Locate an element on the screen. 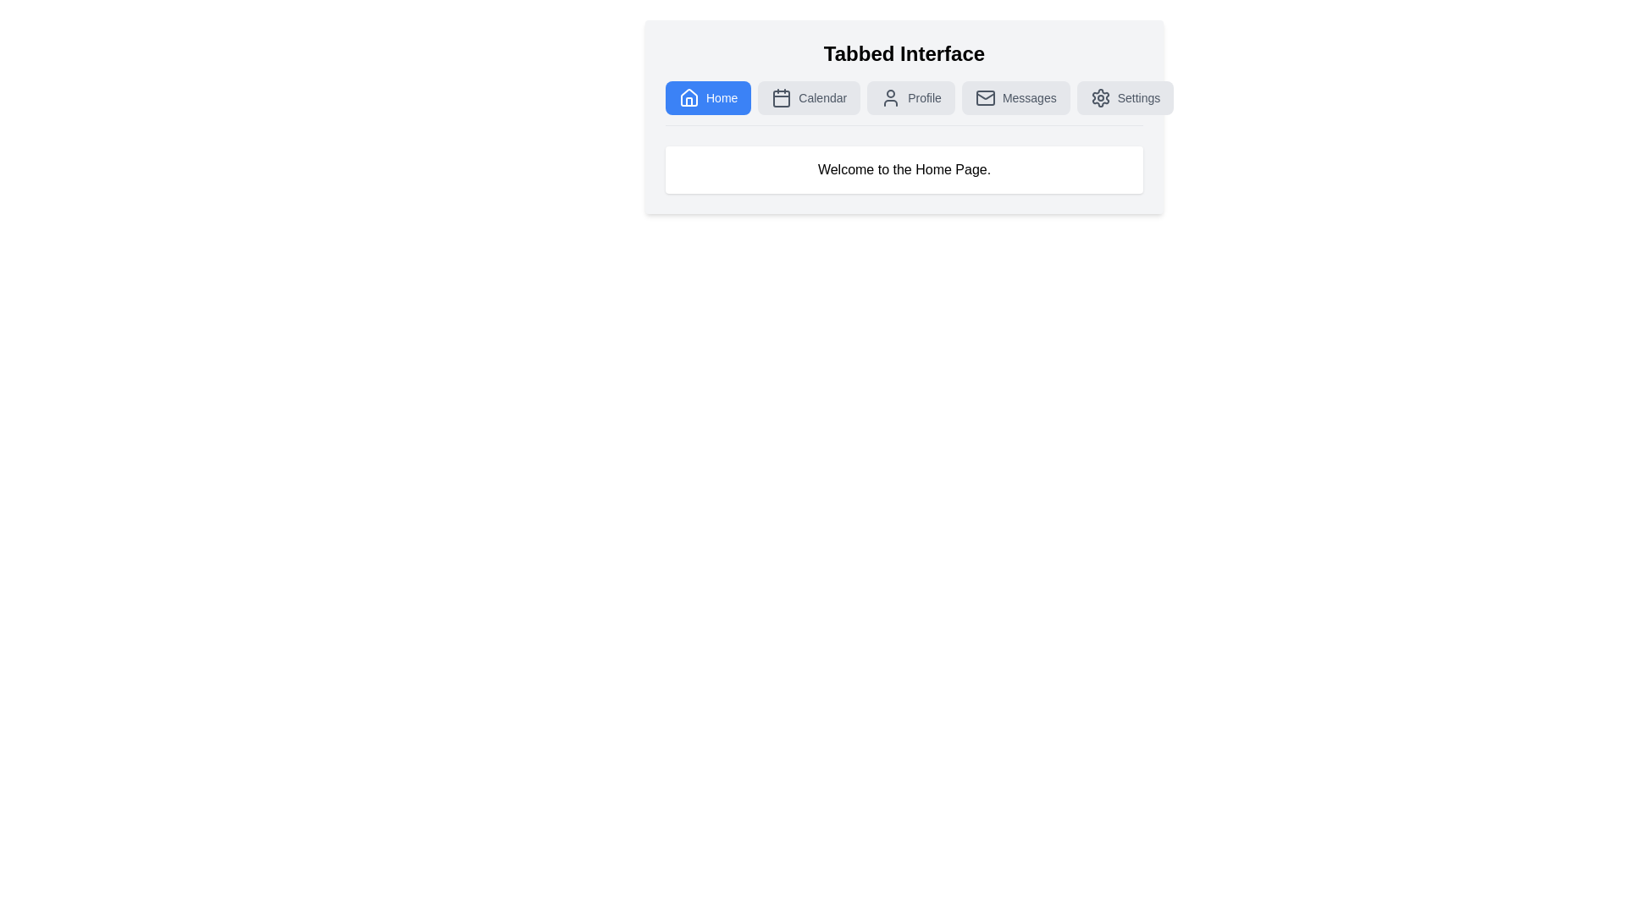  the navigation button located at the top left of the interface to redirect to the homepage is located at coordinates (708, 97).